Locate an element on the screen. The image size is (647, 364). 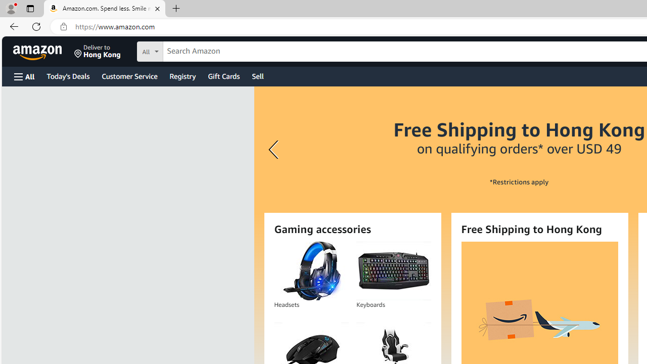
'Gift Cards' is located at coordinates (223, 75).